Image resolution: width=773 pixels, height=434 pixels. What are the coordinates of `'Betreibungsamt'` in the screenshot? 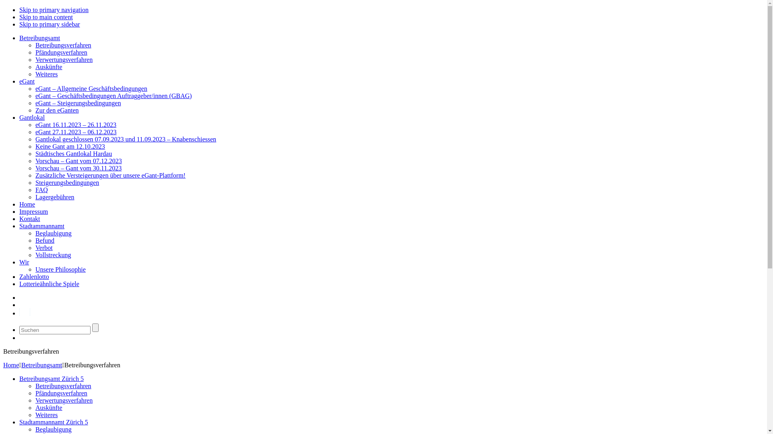 It's located at (41, 365).